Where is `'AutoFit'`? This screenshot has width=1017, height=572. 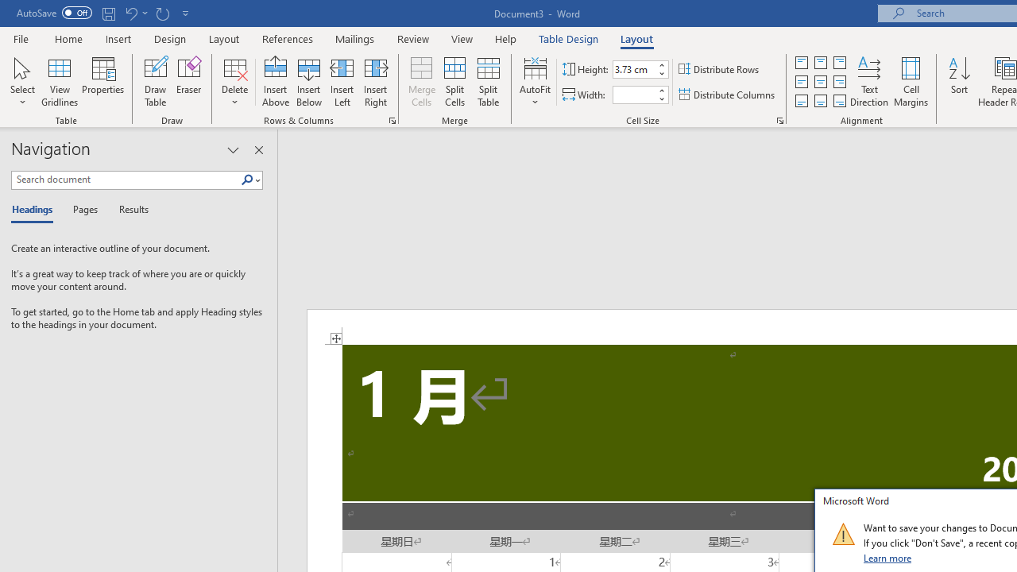
'AutoFit' is located at coordinates (535, 82).